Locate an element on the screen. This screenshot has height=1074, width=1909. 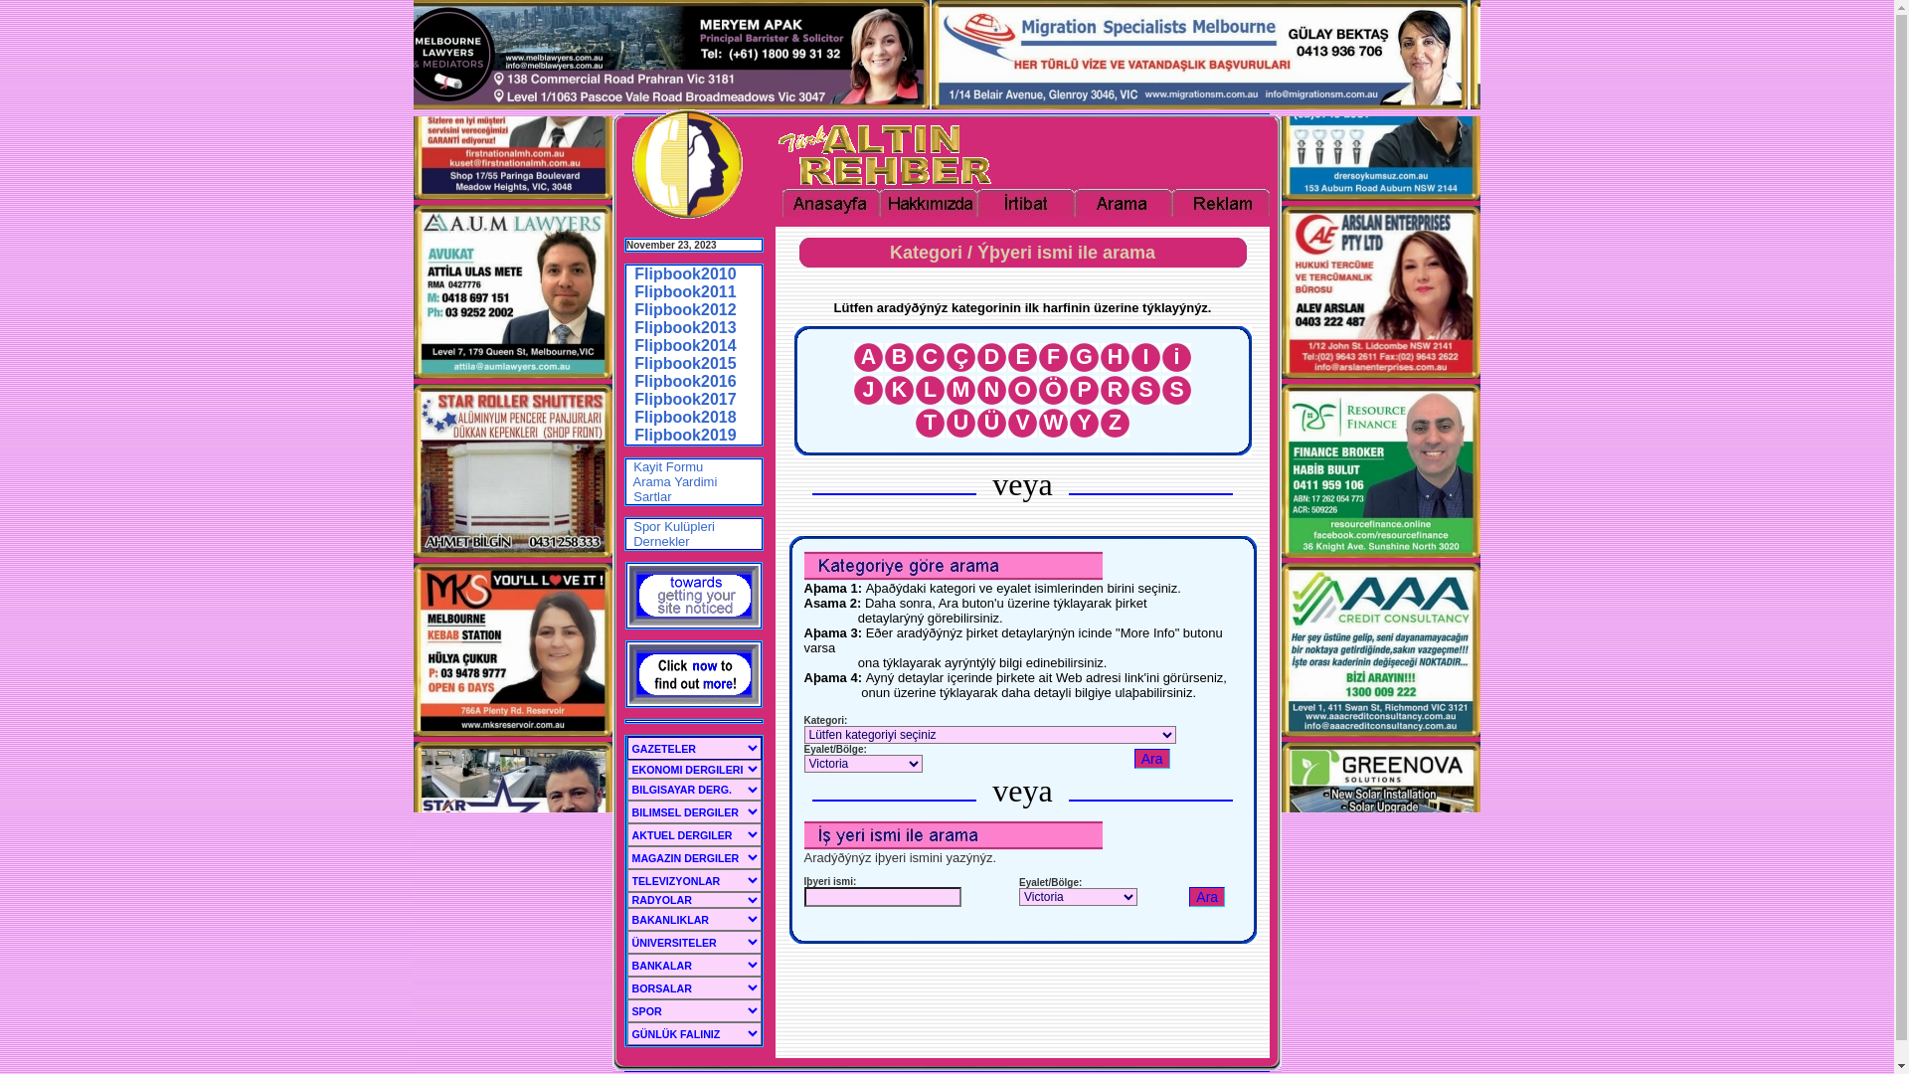
'K' is located at coordinates (898, 393).